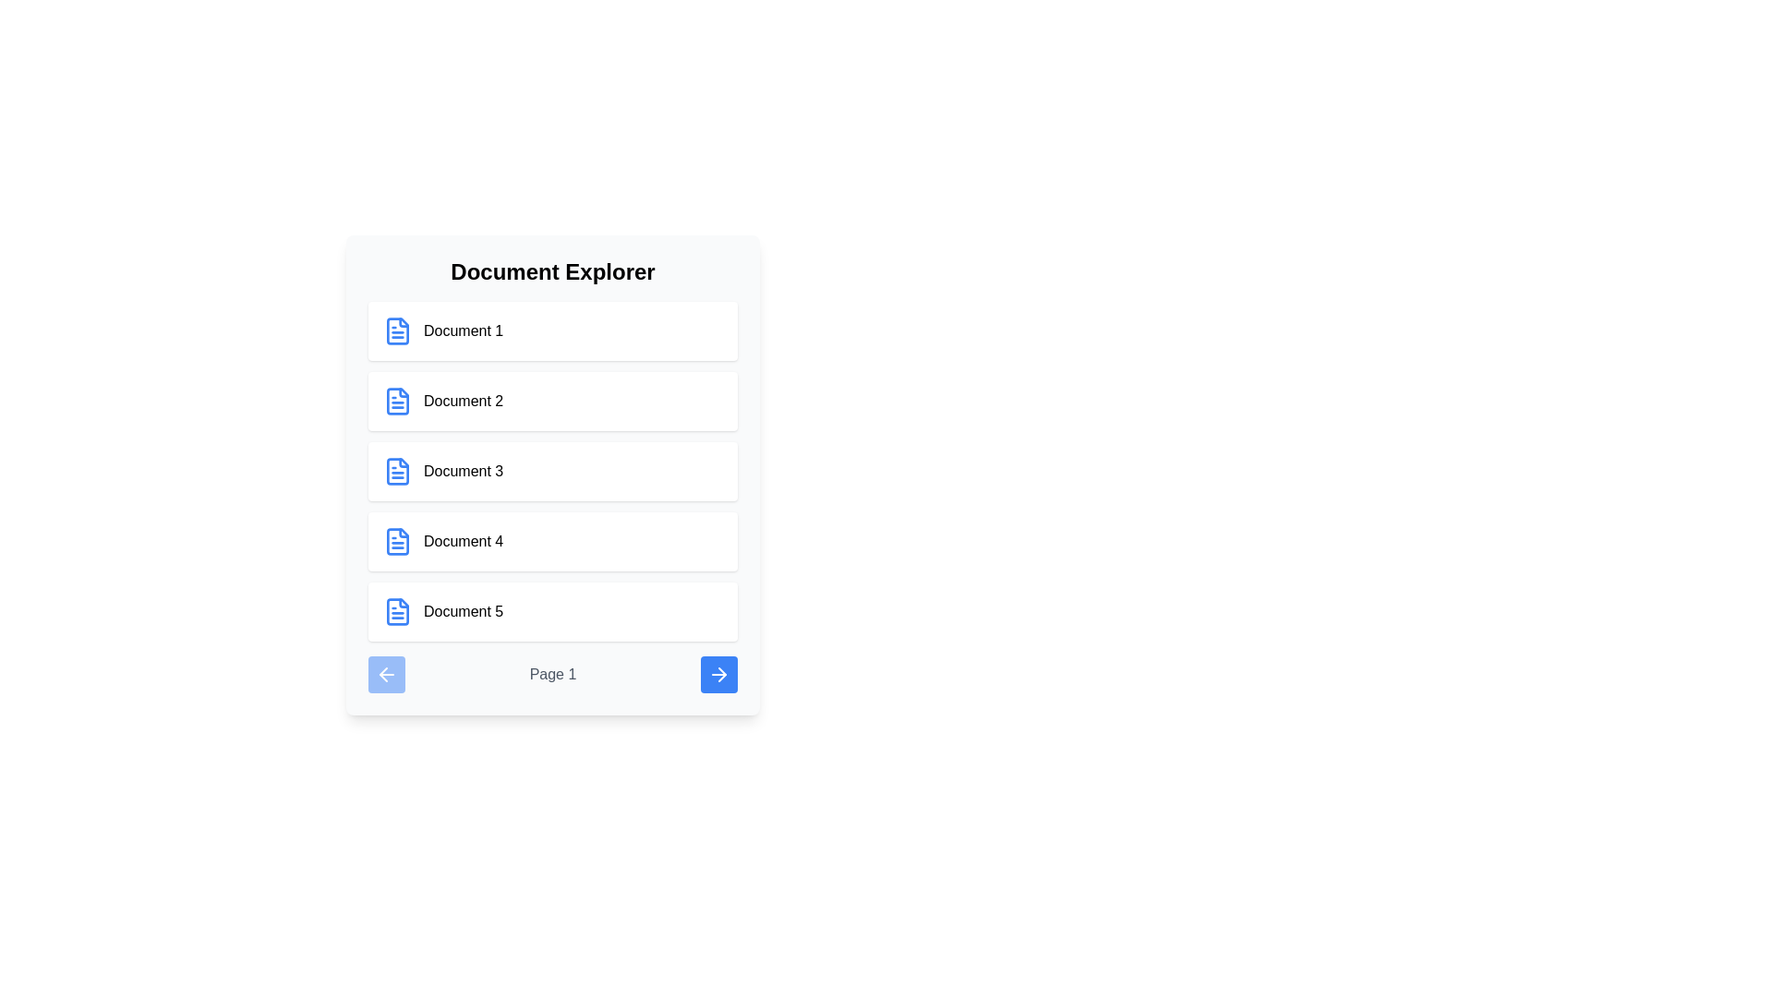  What do you see at coordinates (721, 675) in the screenshot?
I see `the triangular arrowhead of the arrow icon located in the lower right corner of the document explorer interface, which is part of an SVG structure` at bounding box center [721, 675].